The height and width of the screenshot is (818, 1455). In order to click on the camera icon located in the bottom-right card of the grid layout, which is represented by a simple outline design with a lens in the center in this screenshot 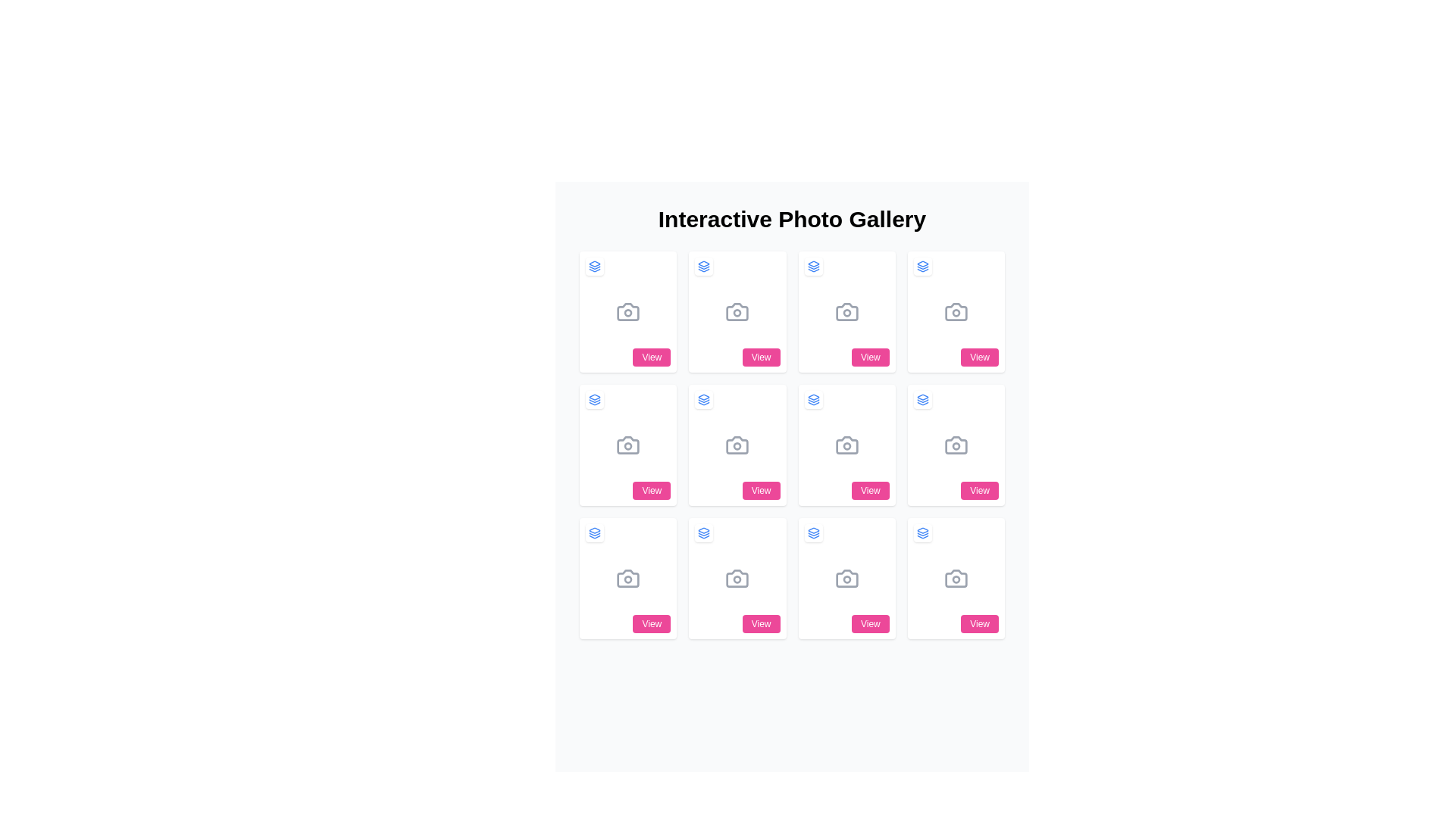, I will do `click(955, 578)`.